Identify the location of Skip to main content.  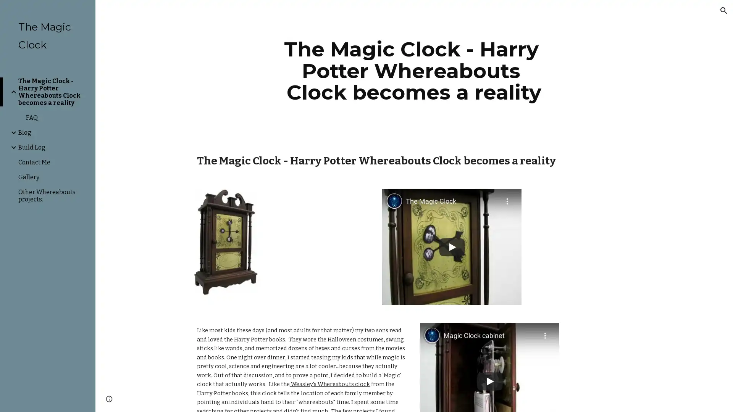
(300, 14).